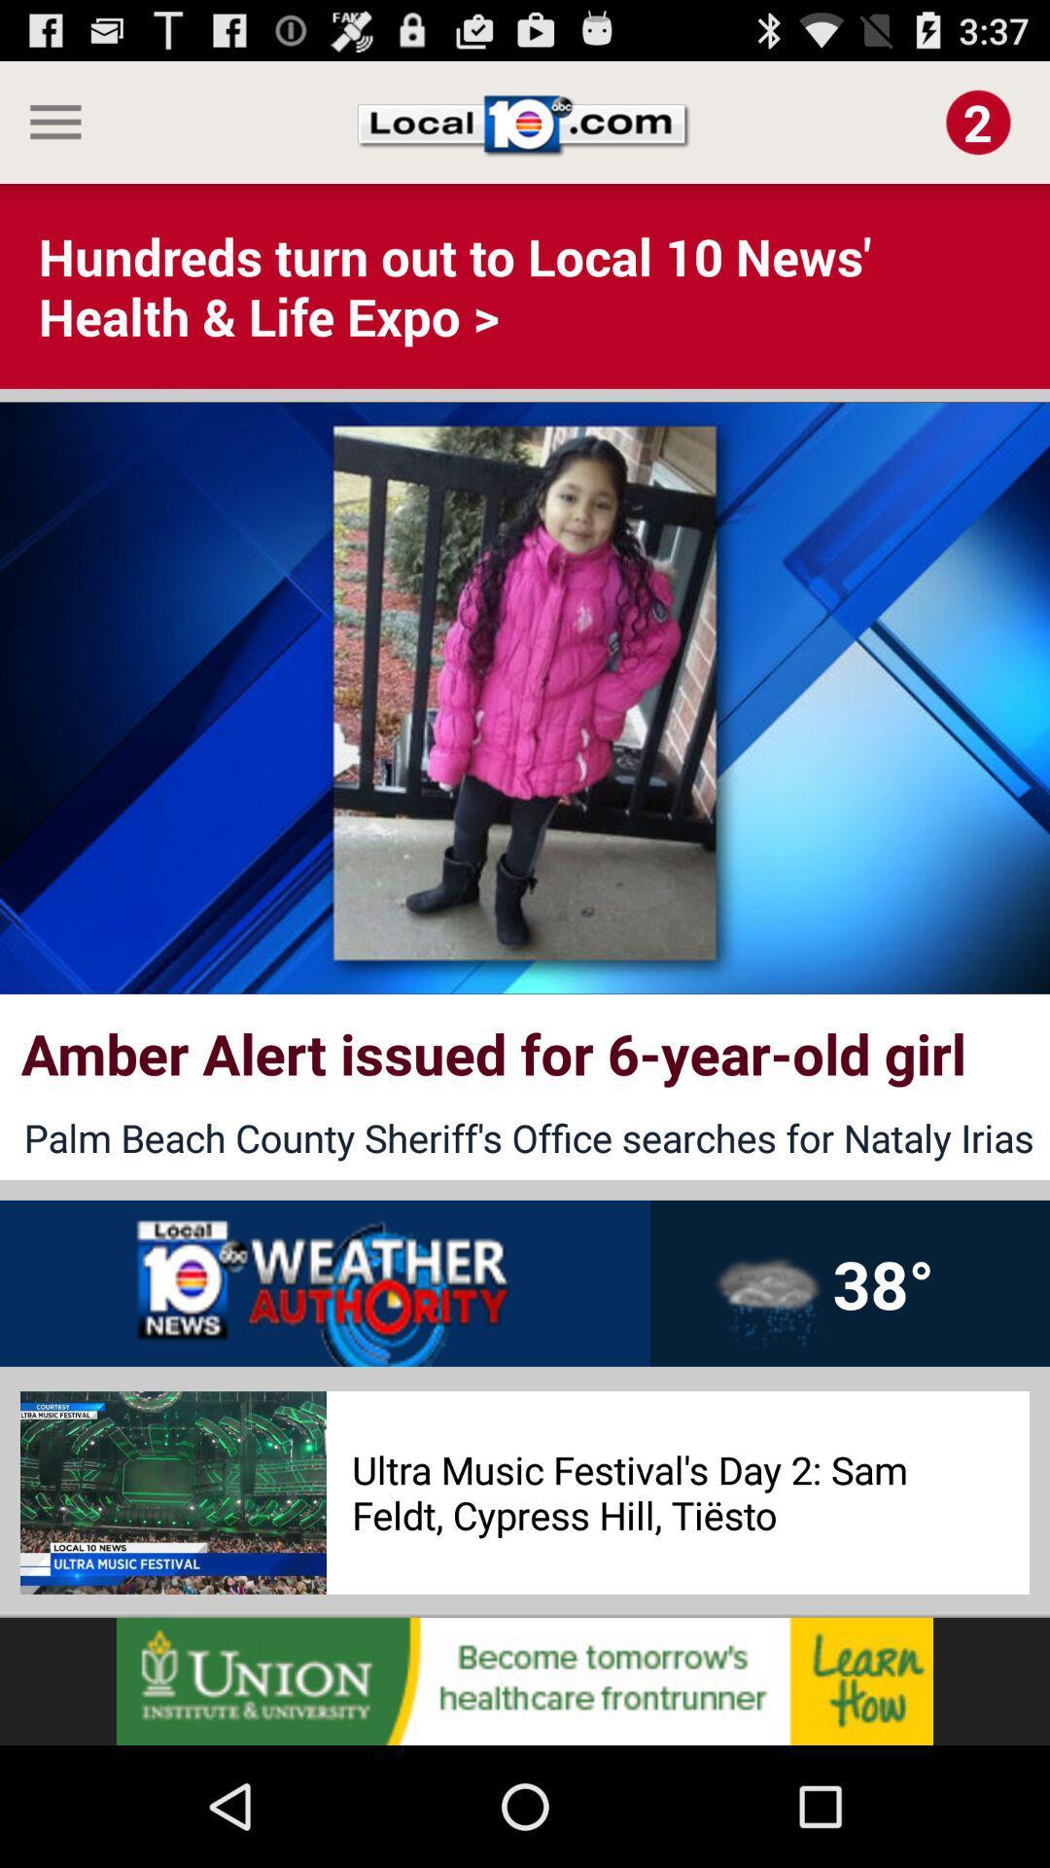 This screenshot has width=1050, height=1868. What do you see at coordinates (525, 1680) in the screenshot?
I see `open` at bounding box center [525, 1680].